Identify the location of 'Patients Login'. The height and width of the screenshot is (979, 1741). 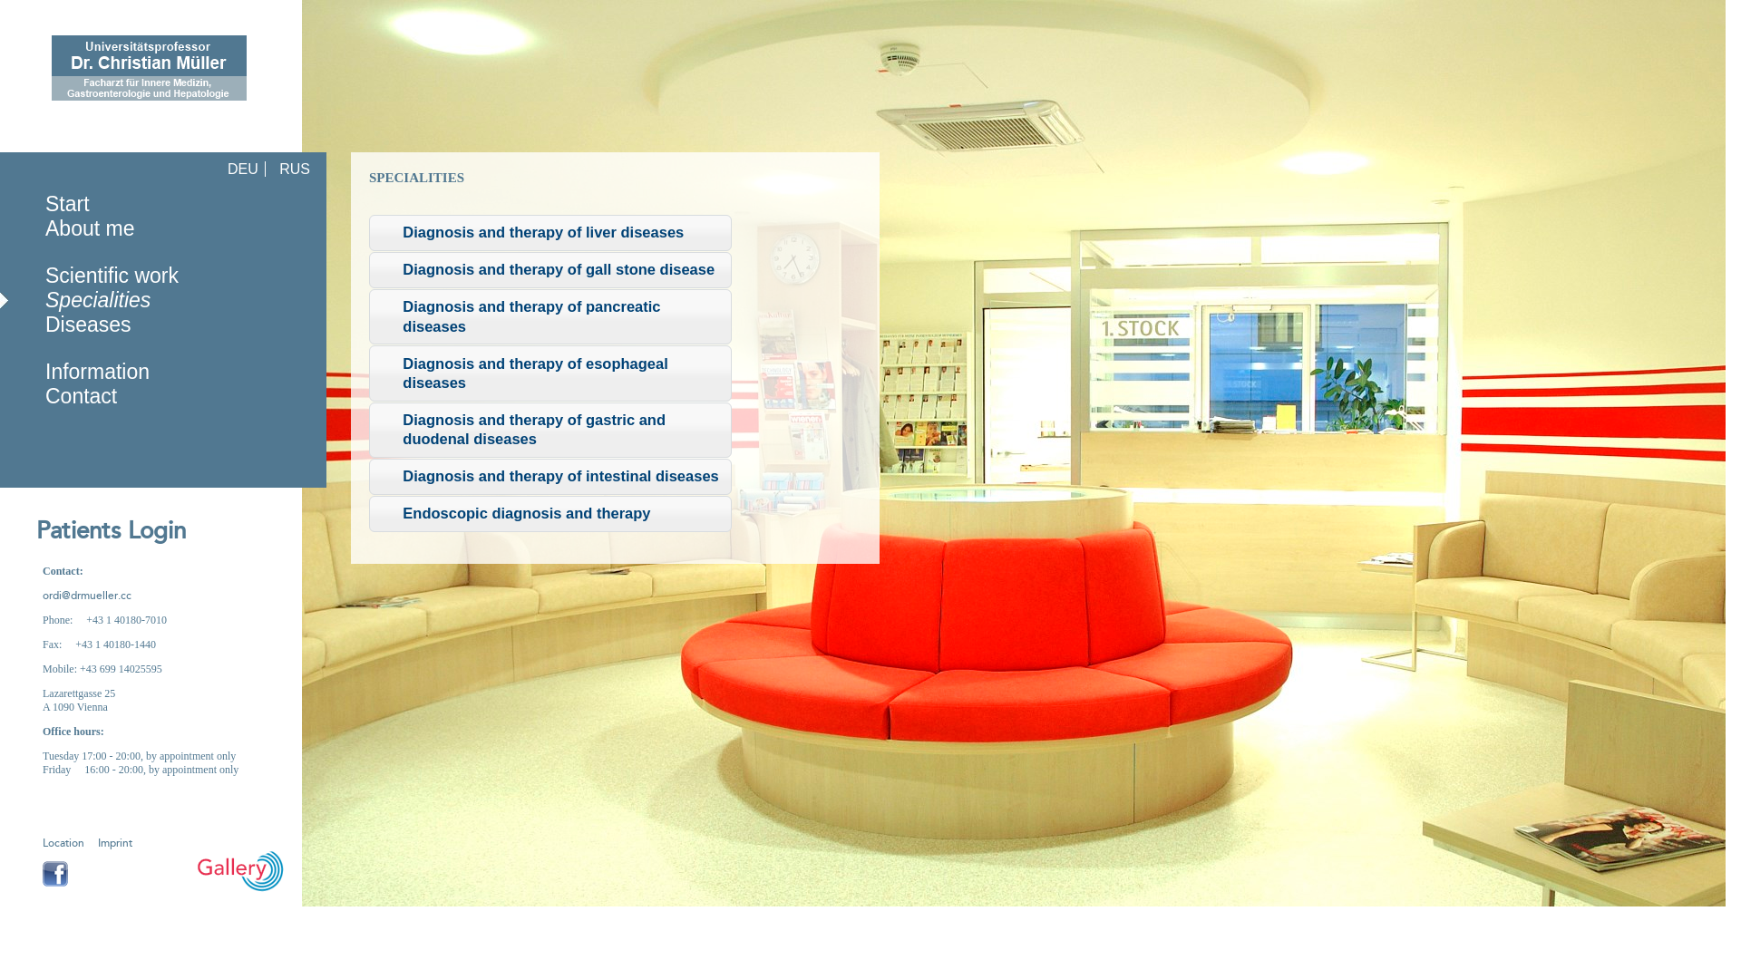
(92, 530).